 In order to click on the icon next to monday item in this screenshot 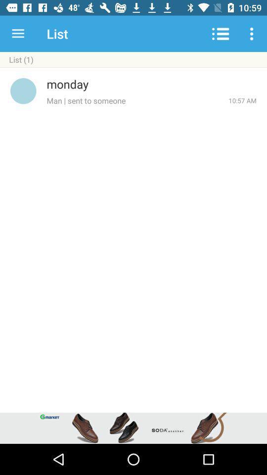, I will do `click(23, 91)`.